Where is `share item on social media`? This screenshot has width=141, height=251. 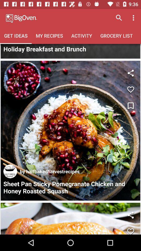
share item on social media is located at coordinates (130, 215).